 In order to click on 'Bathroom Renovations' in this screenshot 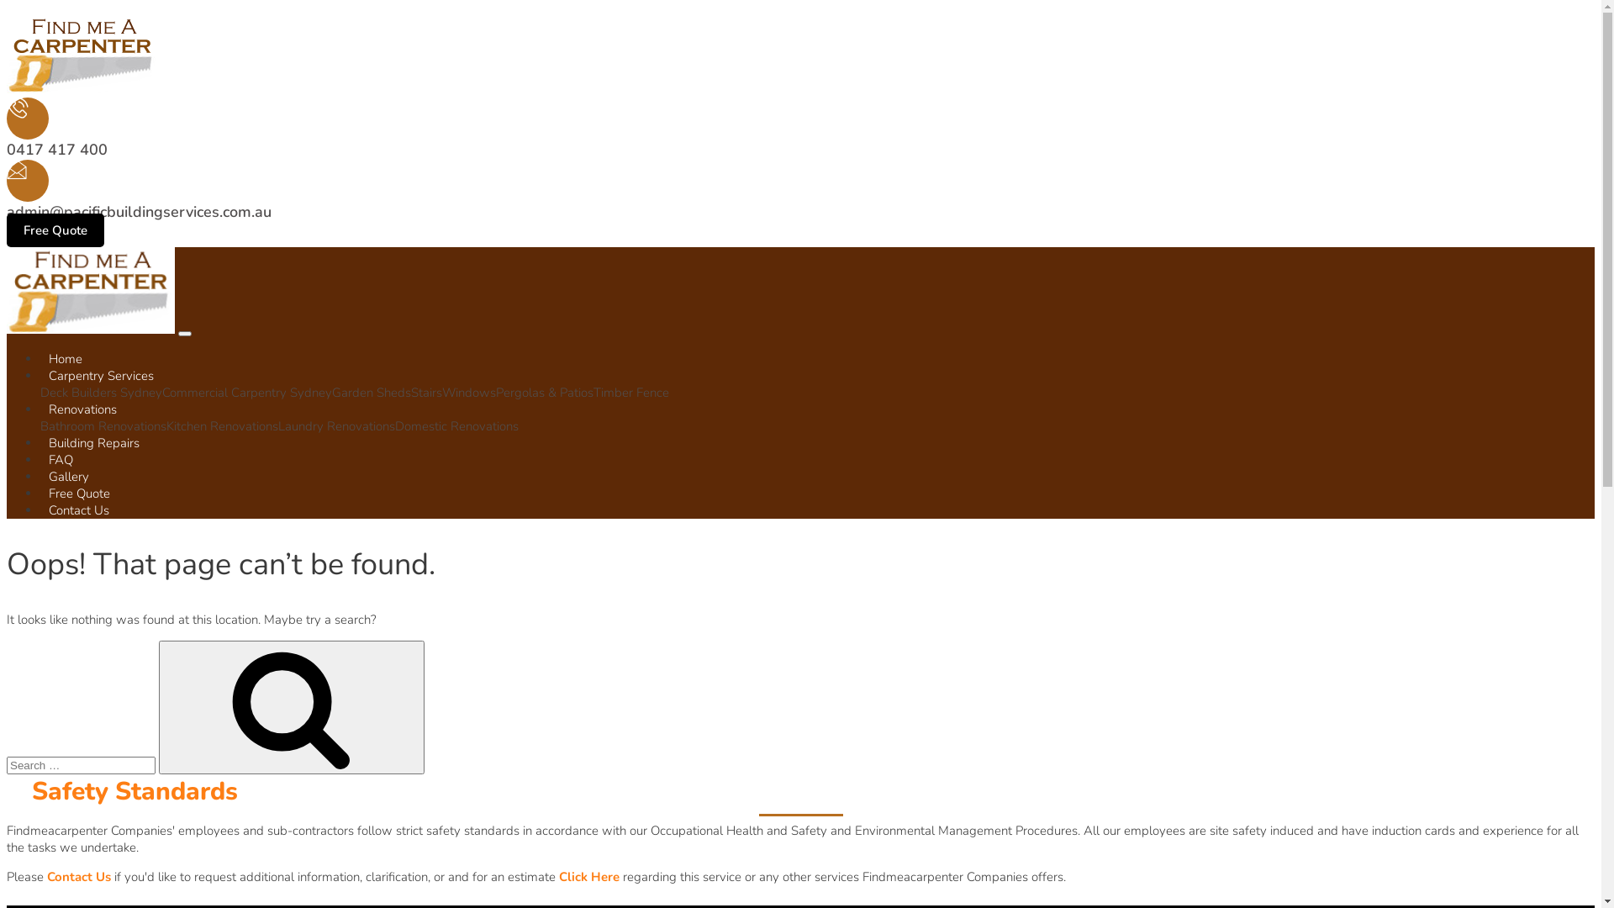, I will do `click(103, 425)`.